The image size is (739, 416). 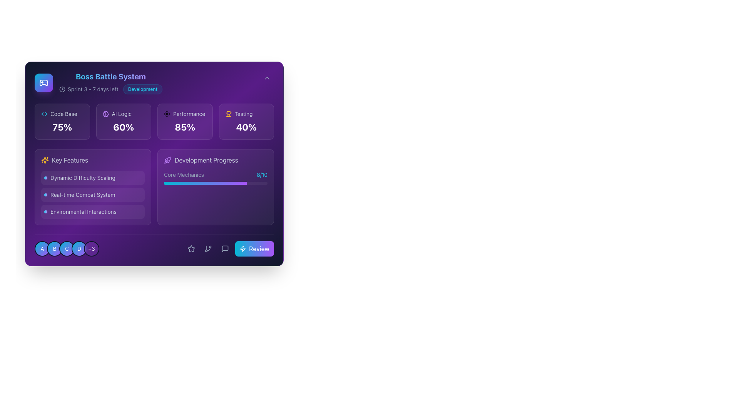 I want to click on the 'Code Base' label with the cyan-colored coding brackets icon, which is located at the top-left corner of its section, distinct from the surrounding elements, so click(x=62, y=114).